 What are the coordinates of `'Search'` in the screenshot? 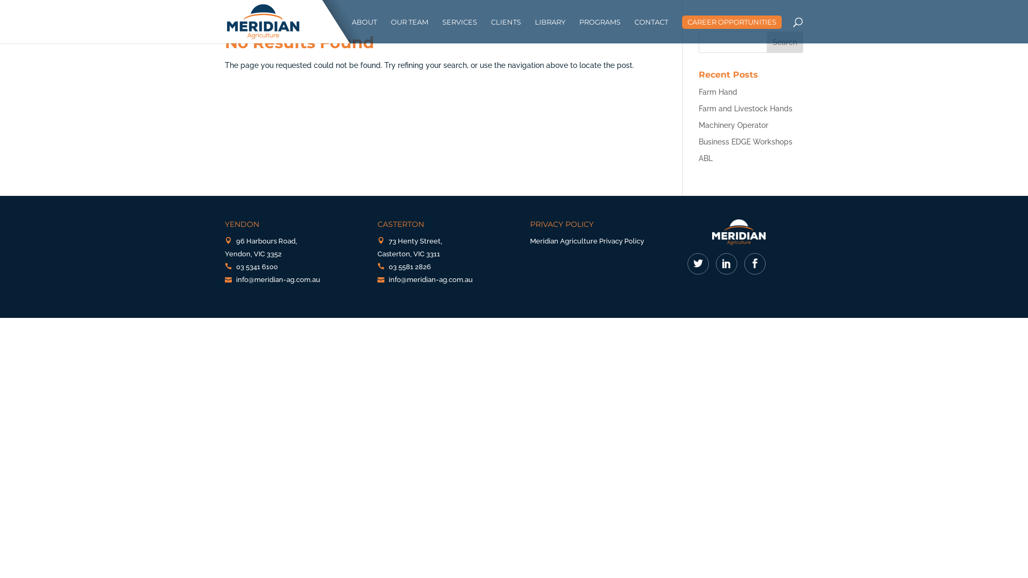 It's located at (784, 41).